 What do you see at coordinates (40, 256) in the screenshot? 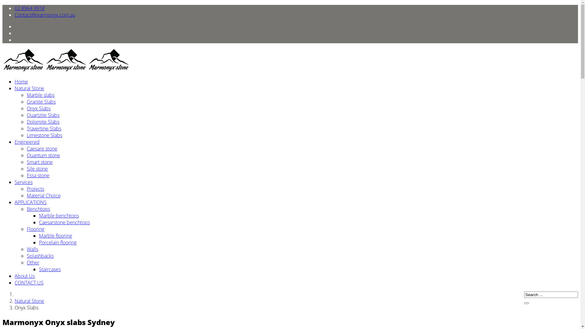
I see `'Splashbacks'` at bounding box center [40, 256].